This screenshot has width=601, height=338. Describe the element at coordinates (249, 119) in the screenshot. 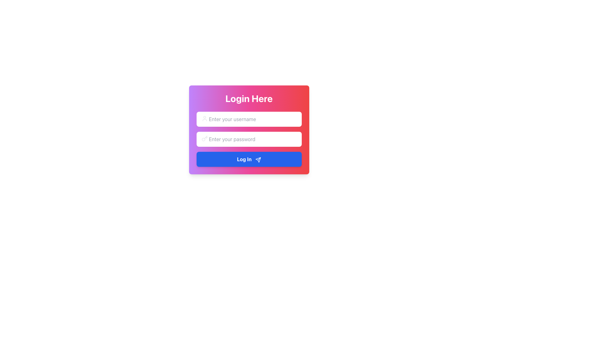

I see `the text input field for username entry, which is styled with a white background and rounded corners, and includes placeholder text 'Enter your username'` at that location.